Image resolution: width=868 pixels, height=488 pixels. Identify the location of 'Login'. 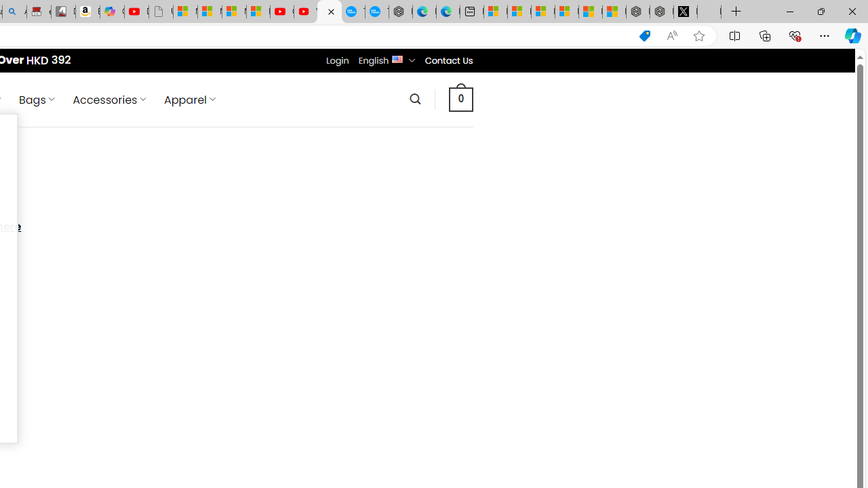
(337, 60).